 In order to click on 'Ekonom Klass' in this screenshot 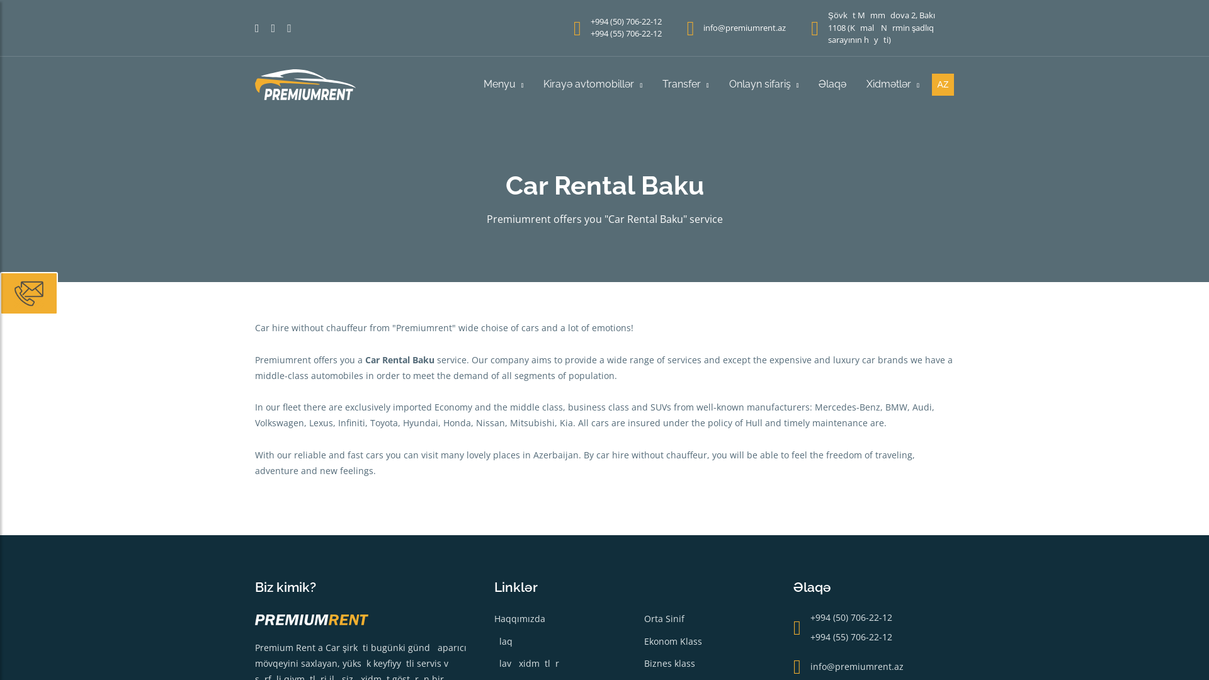, I will do `click(672, 641)`.